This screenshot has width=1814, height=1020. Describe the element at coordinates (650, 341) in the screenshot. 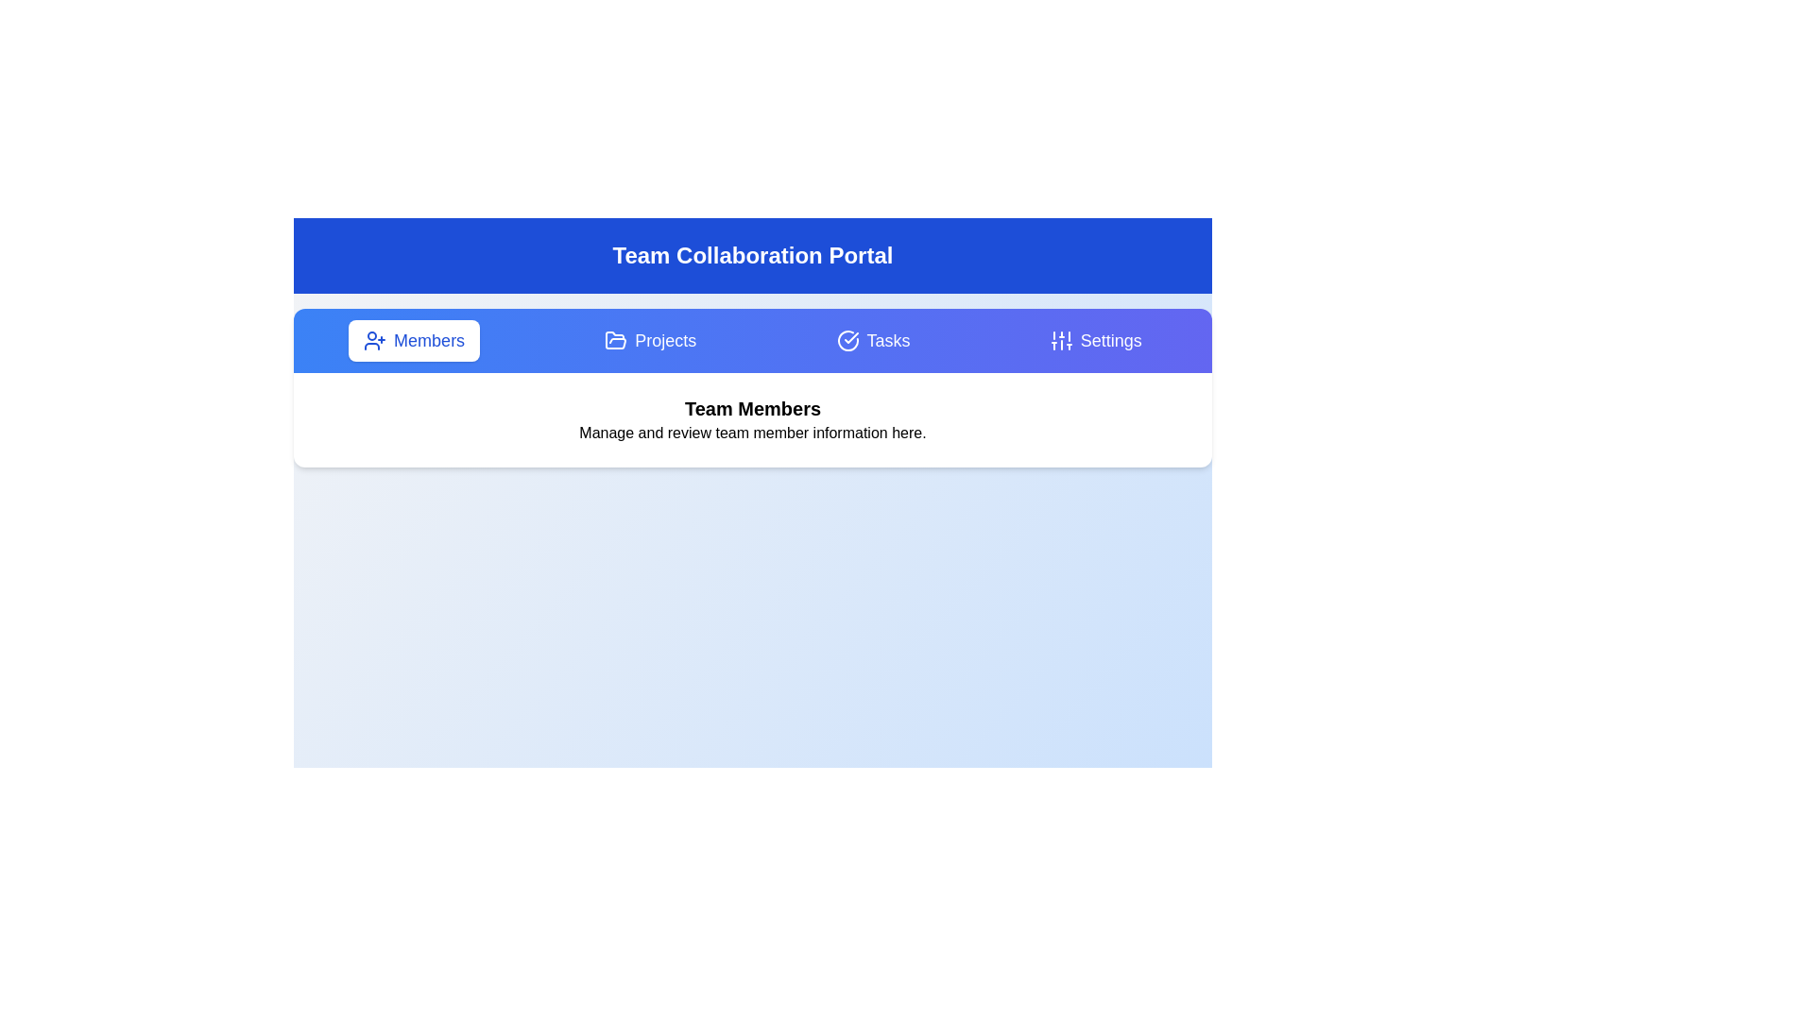

I see `the 'Projects' button, which is a blue button with rounded corners and a folder icon, located in the top navigation bar between the 'Members' and 'Tasks' buttons` at that location.